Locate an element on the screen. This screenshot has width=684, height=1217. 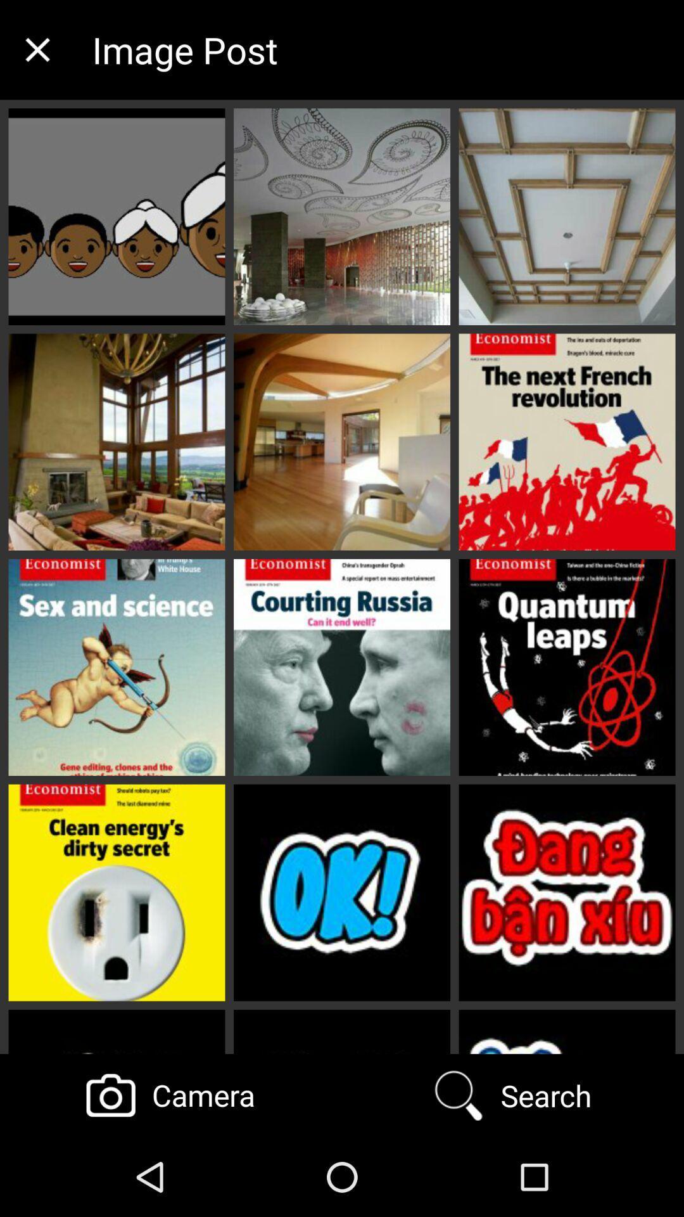
the image which is right to clean energys dirty secret image at bottom of the page is located at coordinates (342, 892).